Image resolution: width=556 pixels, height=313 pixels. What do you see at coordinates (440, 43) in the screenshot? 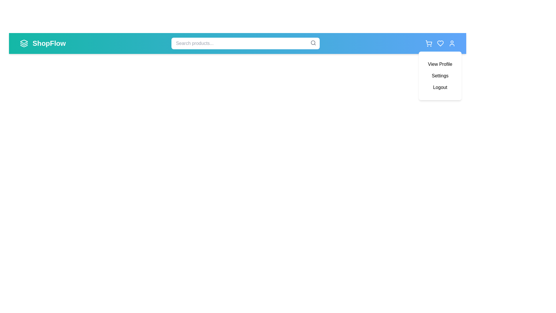
I see `the wishlist icon to view the wishlist` at bounding box center [440, 43].